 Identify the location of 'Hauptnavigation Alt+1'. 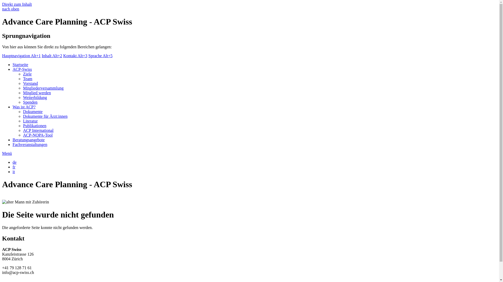
(21, 56).